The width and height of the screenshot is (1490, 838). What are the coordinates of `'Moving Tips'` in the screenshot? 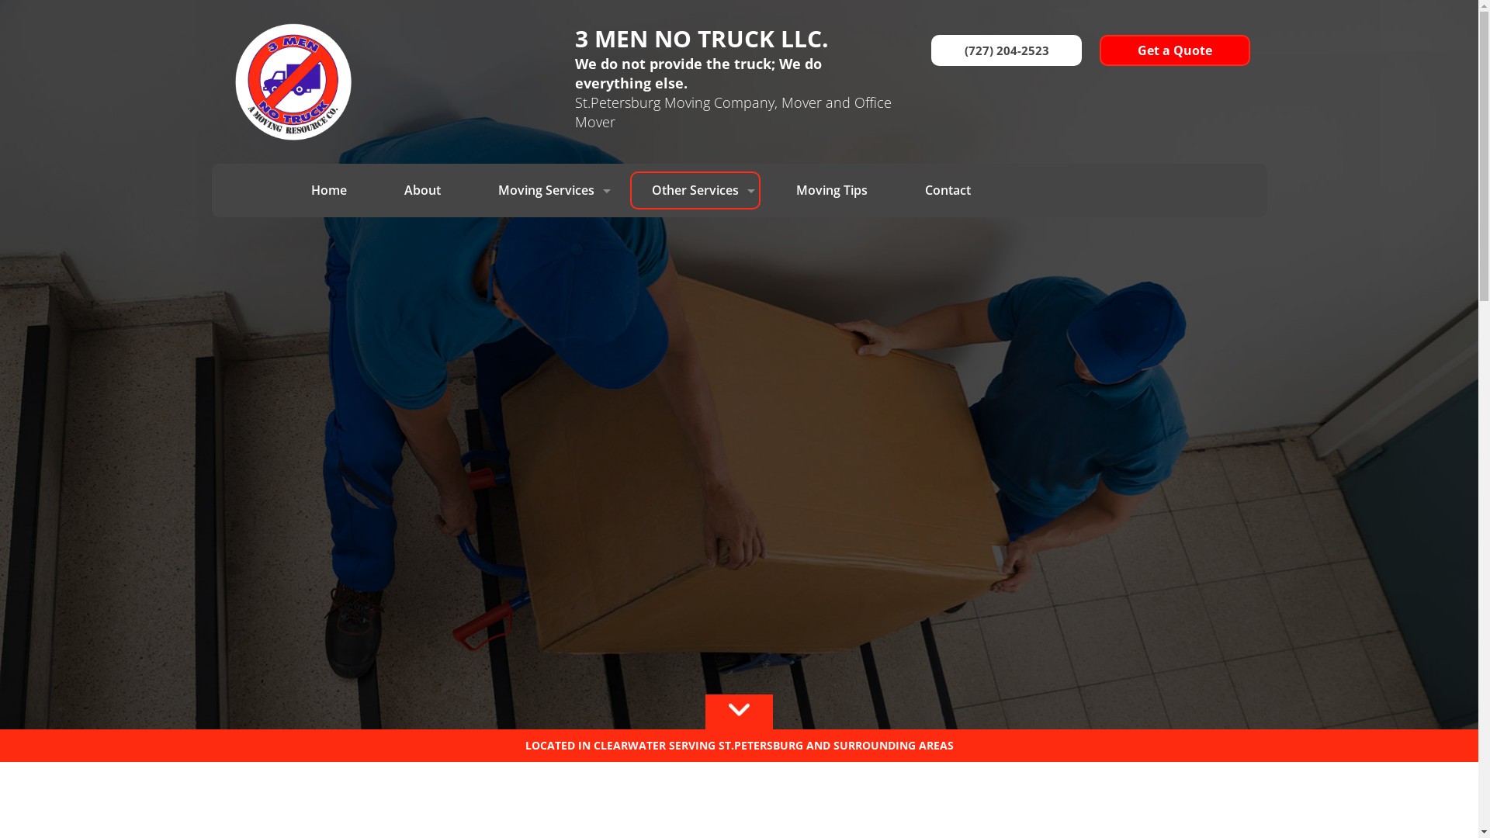 It's located at (830, 189).